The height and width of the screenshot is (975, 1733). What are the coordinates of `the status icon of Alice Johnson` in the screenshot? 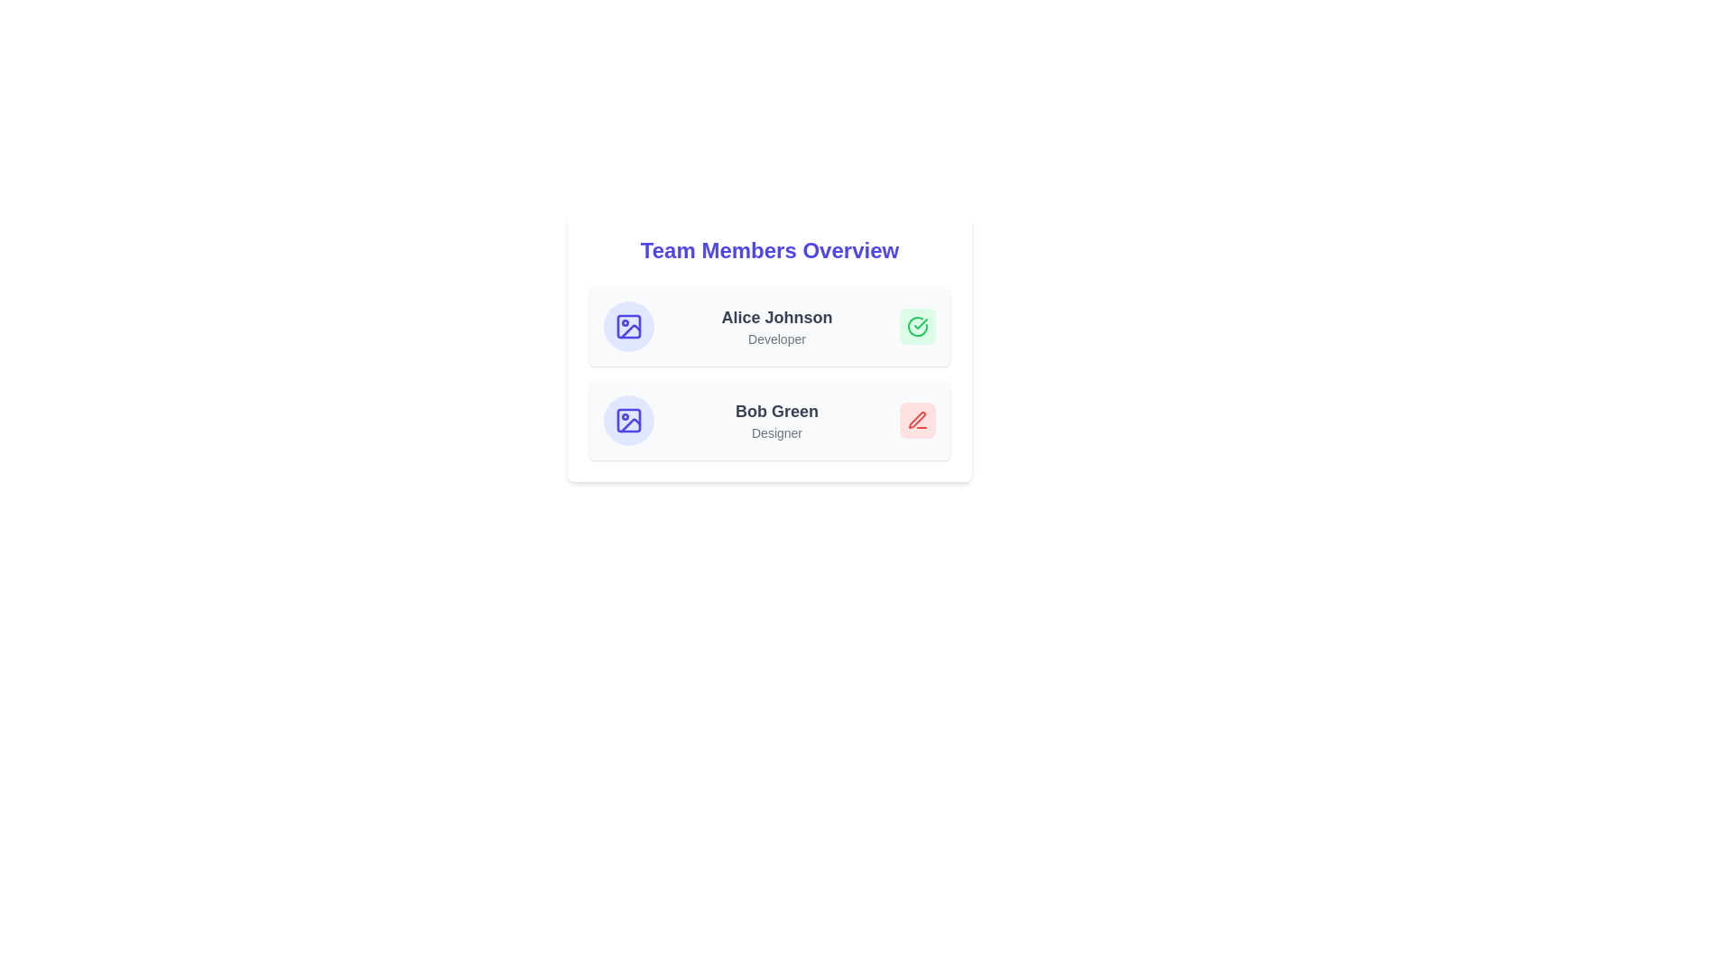 It's located at (918, 327).